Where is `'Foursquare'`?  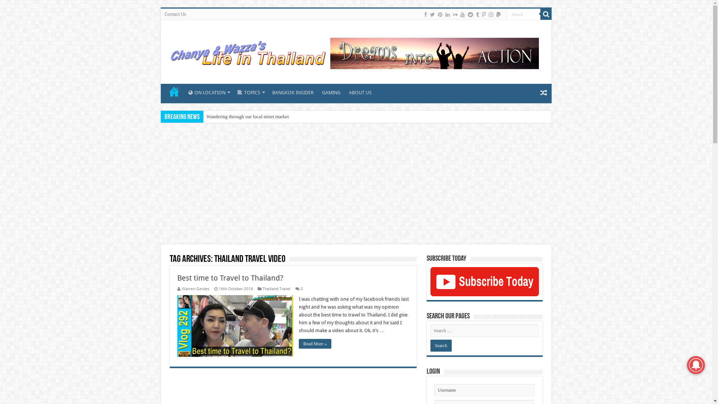
'Foursquare' is located at coordinates (481, 14).